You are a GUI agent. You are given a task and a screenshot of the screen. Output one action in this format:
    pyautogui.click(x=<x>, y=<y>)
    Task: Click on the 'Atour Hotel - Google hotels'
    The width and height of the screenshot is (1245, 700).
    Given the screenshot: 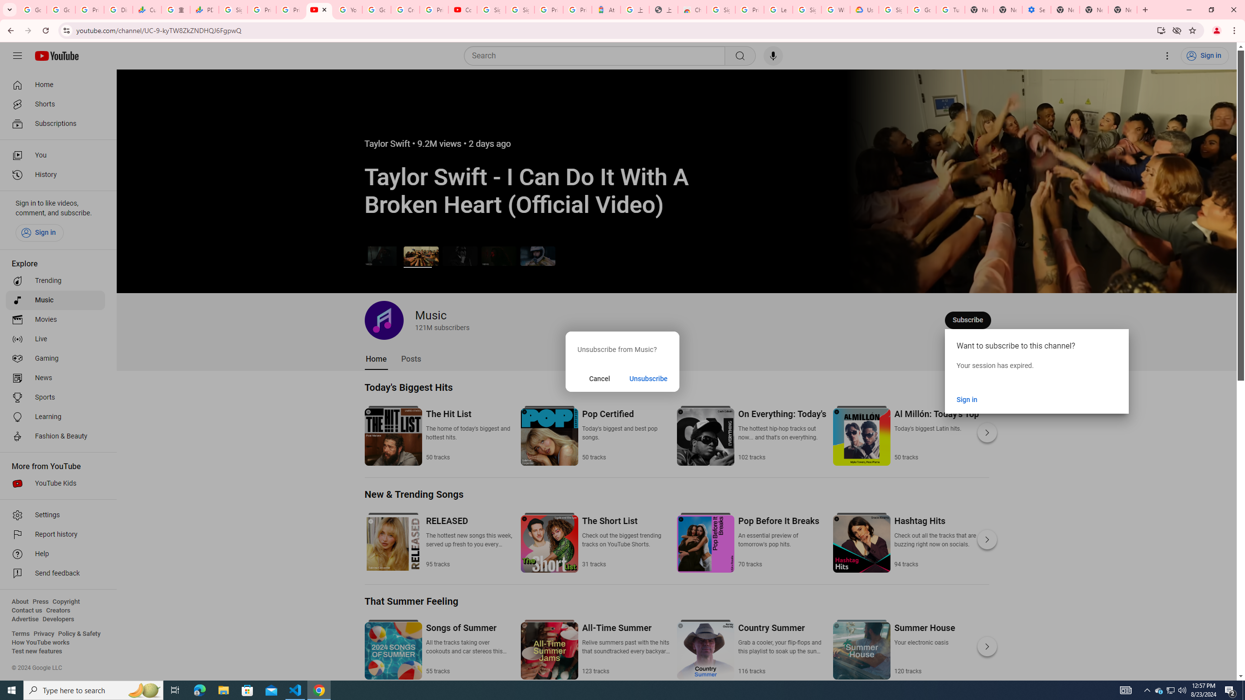 What is the action you would take?
    pyautogui.click(x=606, y=9)
    